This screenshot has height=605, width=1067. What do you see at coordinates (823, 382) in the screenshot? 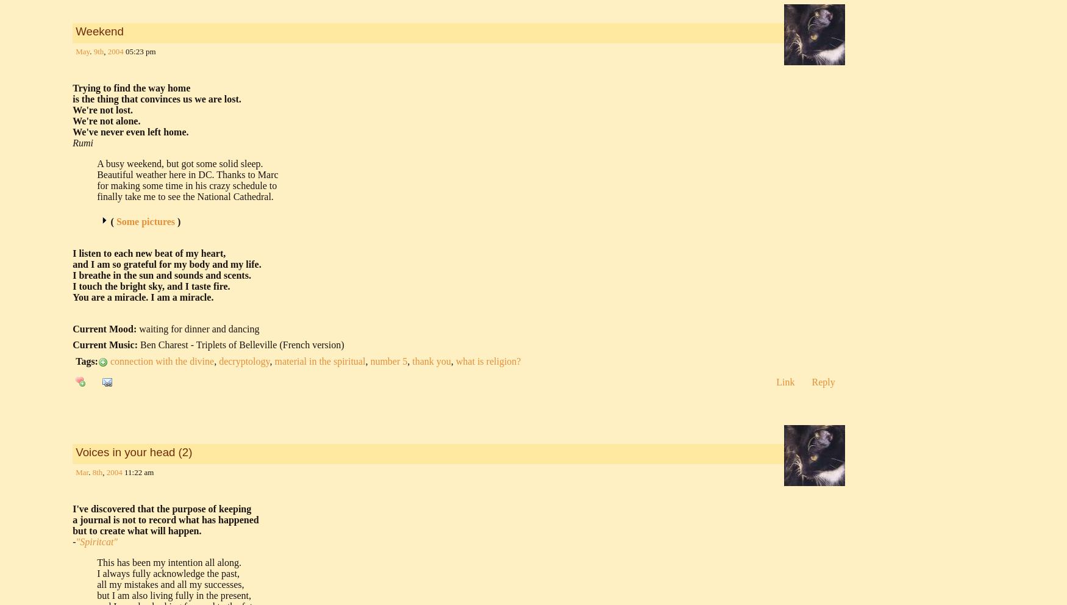
I see `'Reply'` at bounding box center [823, 382].